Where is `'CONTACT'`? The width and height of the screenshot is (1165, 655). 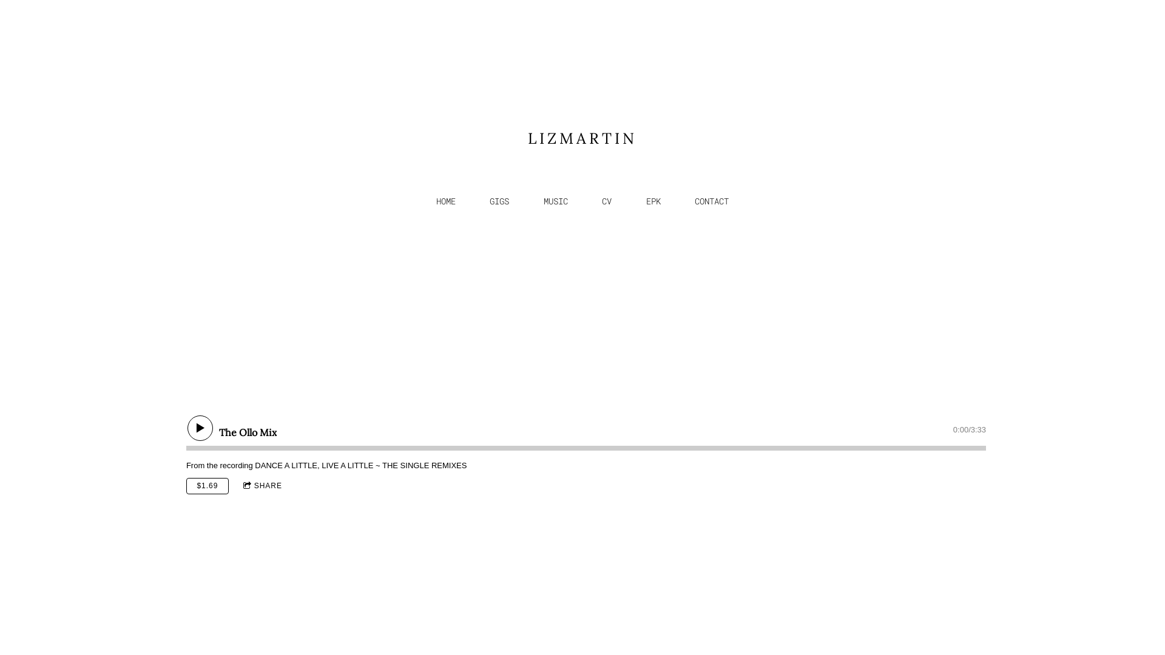
'CONTACT' is located at coordinates (695, 200).